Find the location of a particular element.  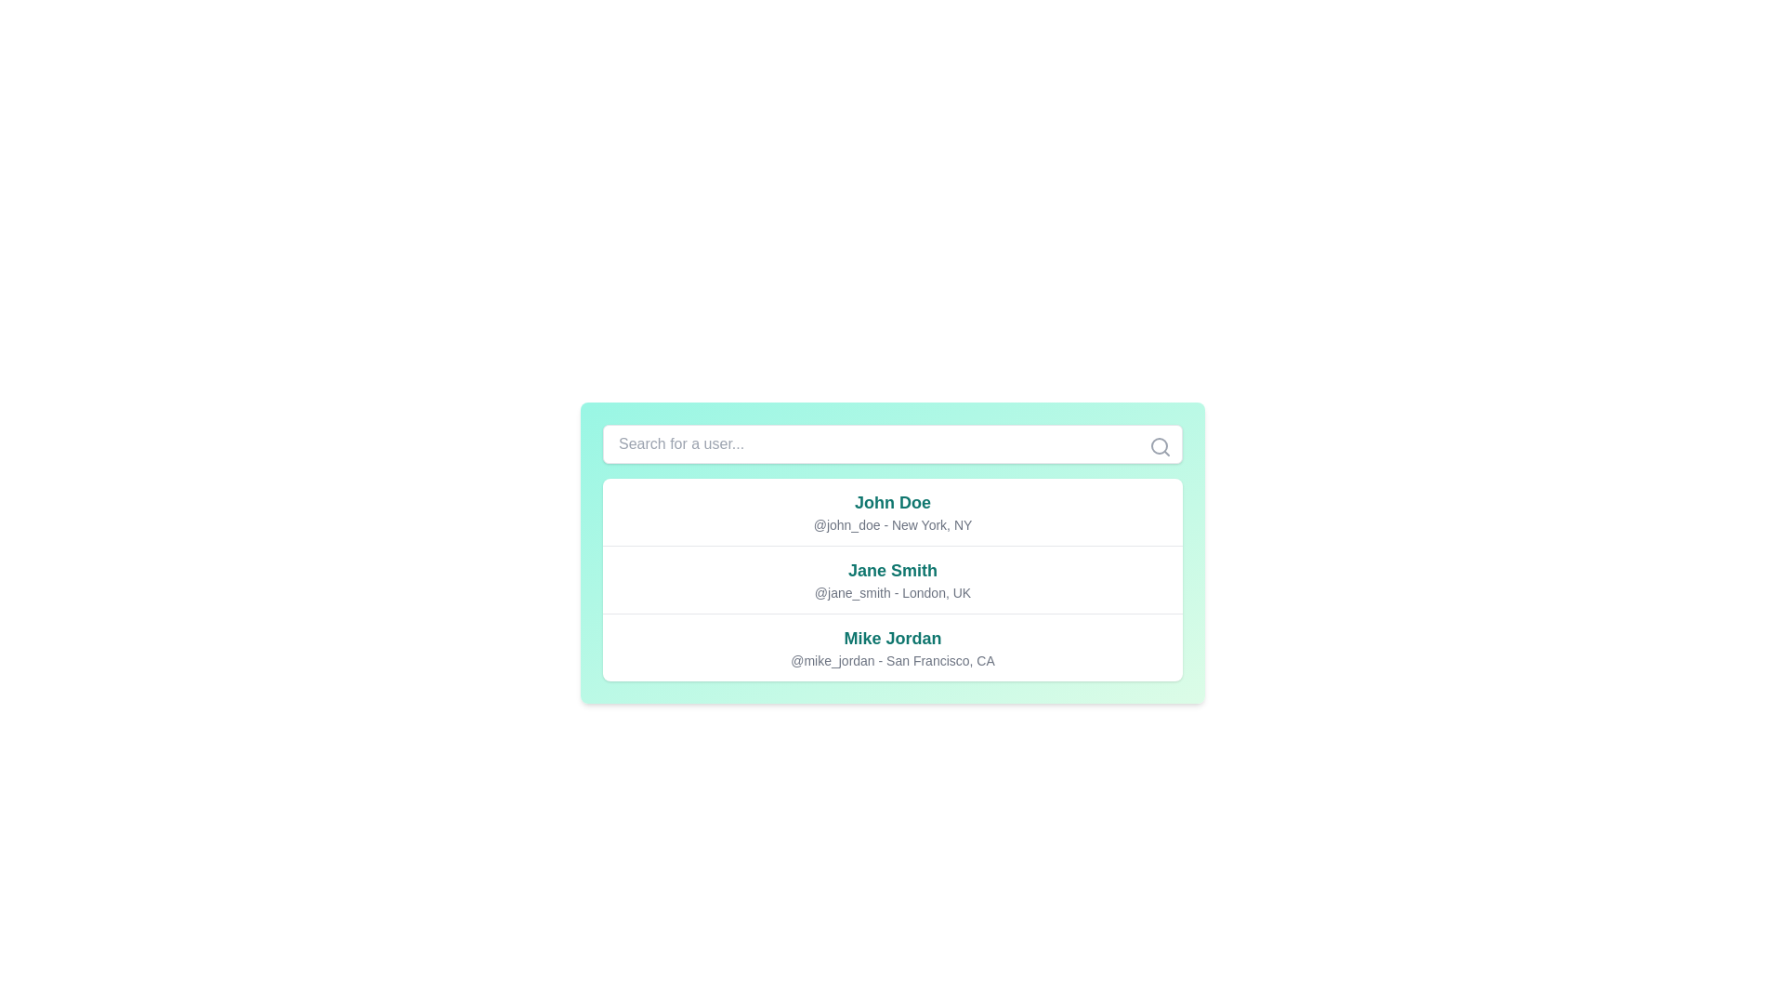

on the second list item displaying 'Jane Smith' in bold teal-colored font, which includes the text '@jane_smith - London, UK' in a smaller gray font is located at coordinates (892, 578).